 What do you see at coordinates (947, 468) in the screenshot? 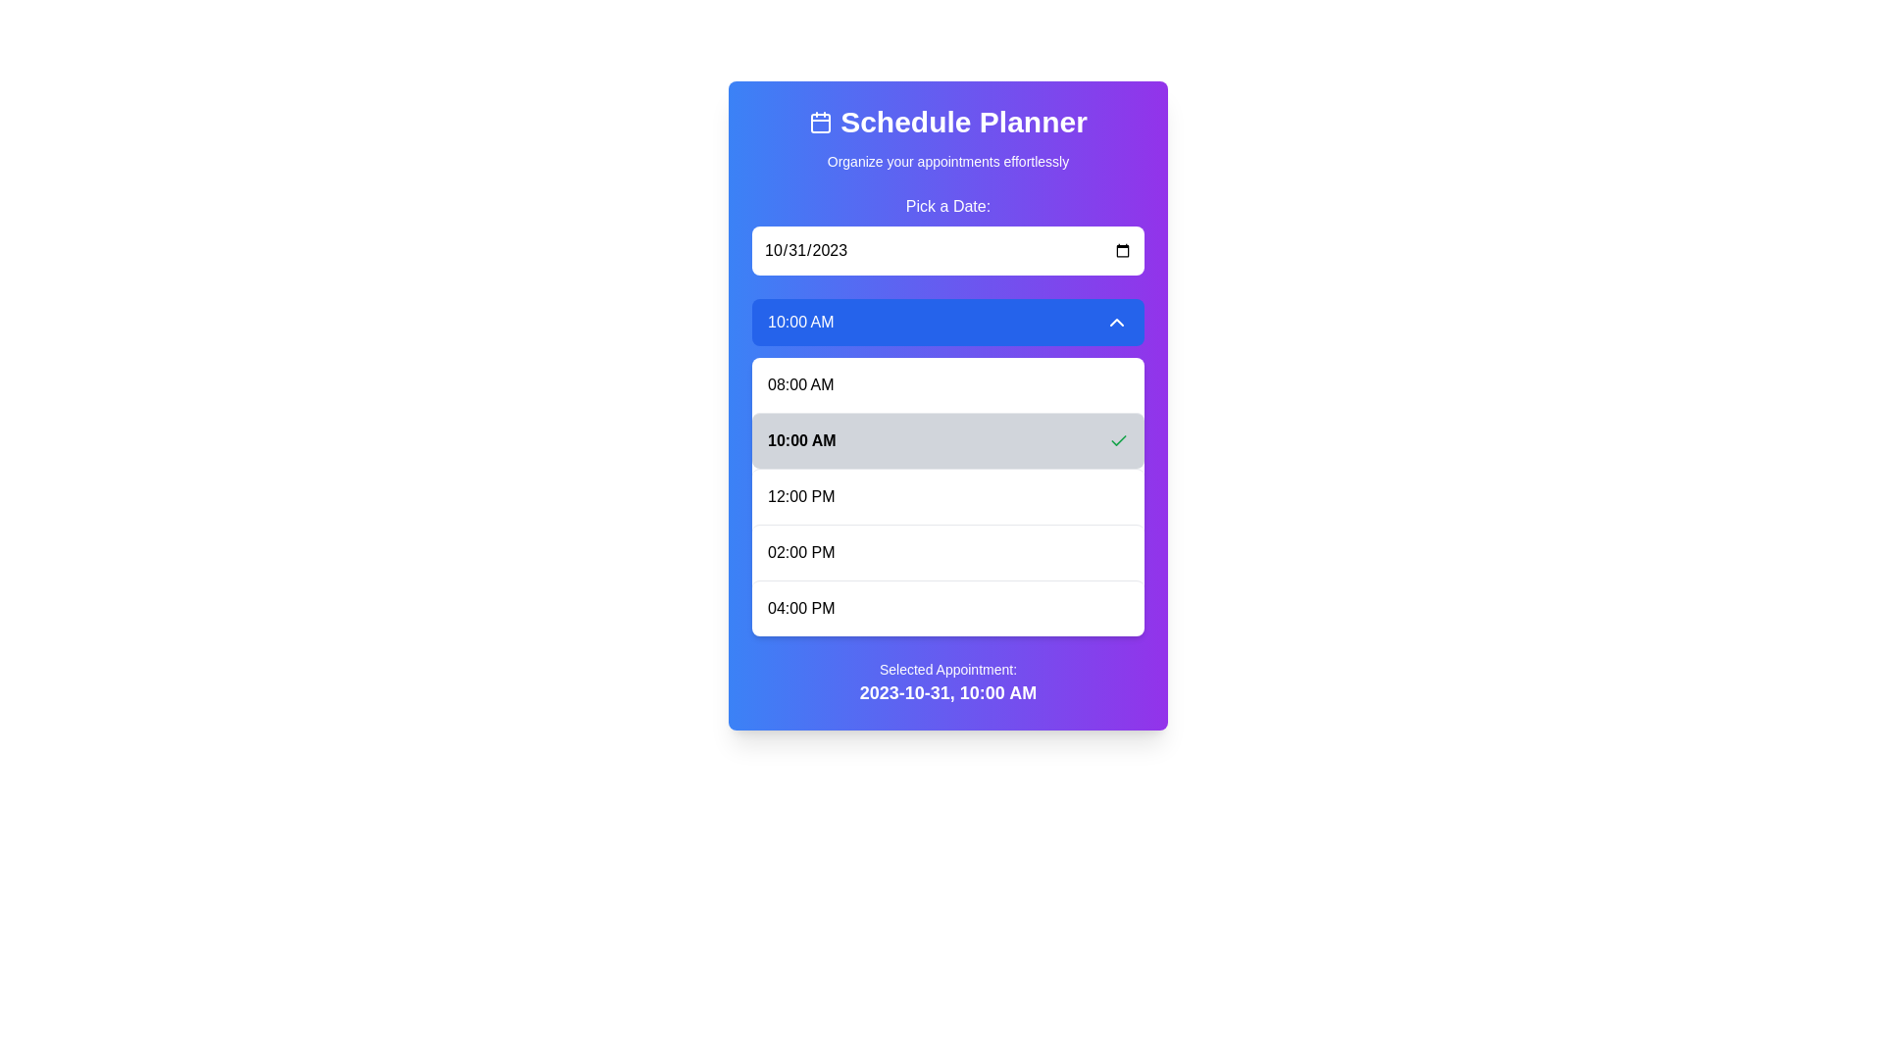
I see `the highlighted menu option '10:00 AM' in the dropdown list` at bounding box center [947, 468].